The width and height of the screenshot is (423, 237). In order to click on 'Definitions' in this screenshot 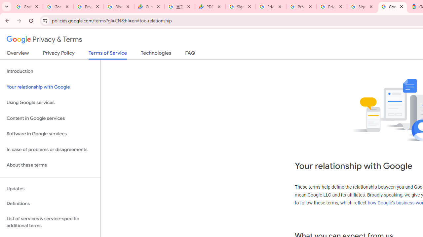, I will do `click(50, 203)`.